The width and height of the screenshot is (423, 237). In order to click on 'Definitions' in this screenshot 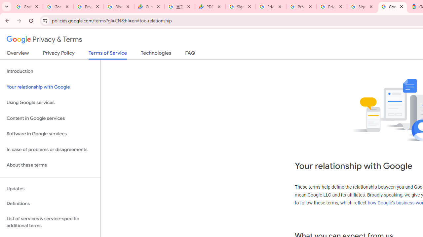, I will do `click(50, 203)`.